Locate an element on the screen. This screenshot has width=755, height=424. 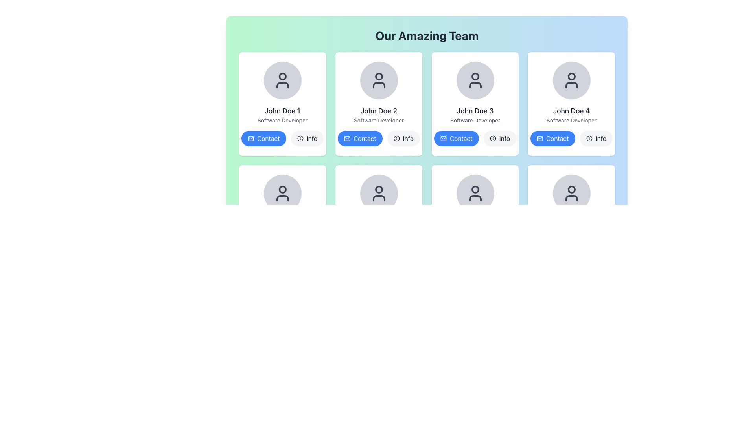
the circular icon with a prominent border located within the 'Info' button of the second profile card in the first row is located at coordinates (396, 138).